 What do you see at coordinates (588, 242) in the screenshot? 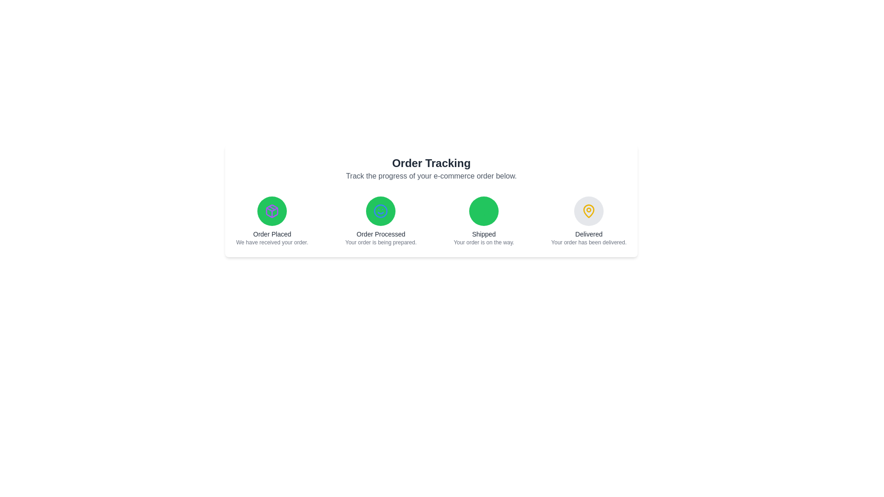
I see `the informational text label that confirms the user's order has been successfully delivered, located at the bottom of the 'Delivered' status card` at bounding box center [588, 242].